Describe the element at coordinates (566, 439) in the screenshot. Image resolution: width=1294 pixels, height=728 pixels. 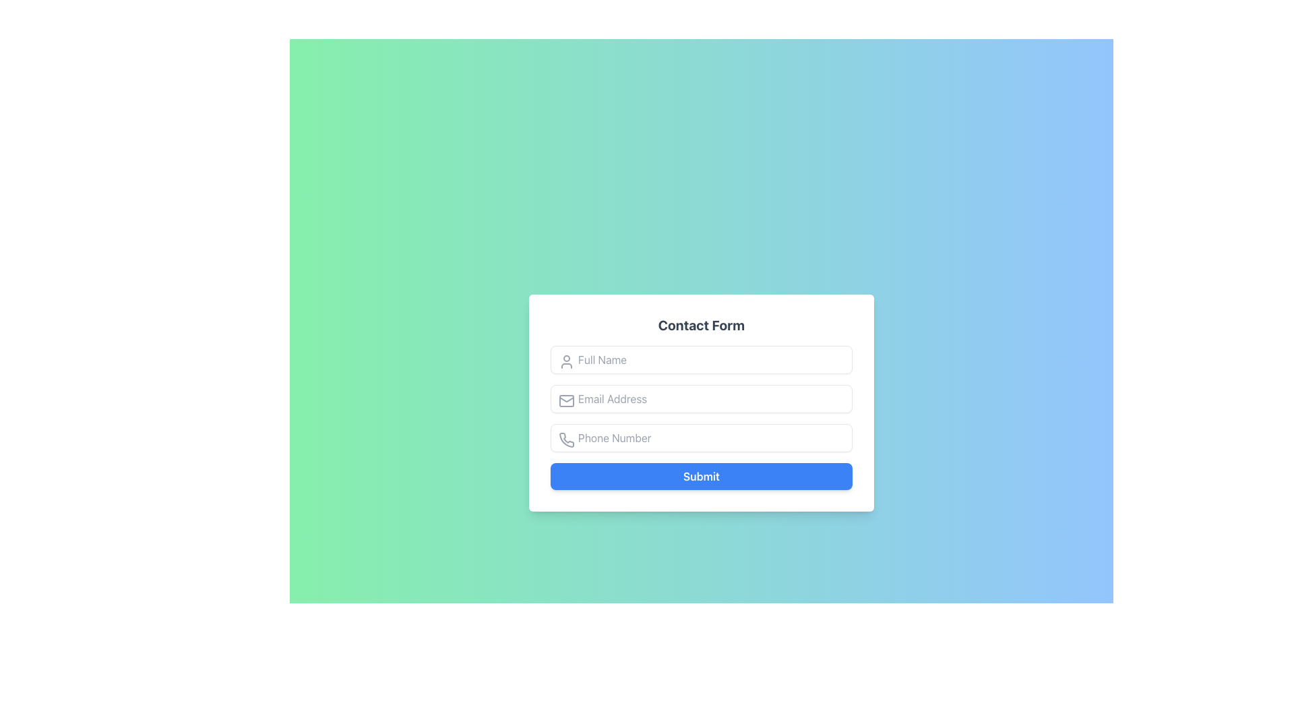
I see `the phone receiver icon located inside the 'Phone Number' input field, which is styled in gray and positioned on the left side of the input box` at that location.